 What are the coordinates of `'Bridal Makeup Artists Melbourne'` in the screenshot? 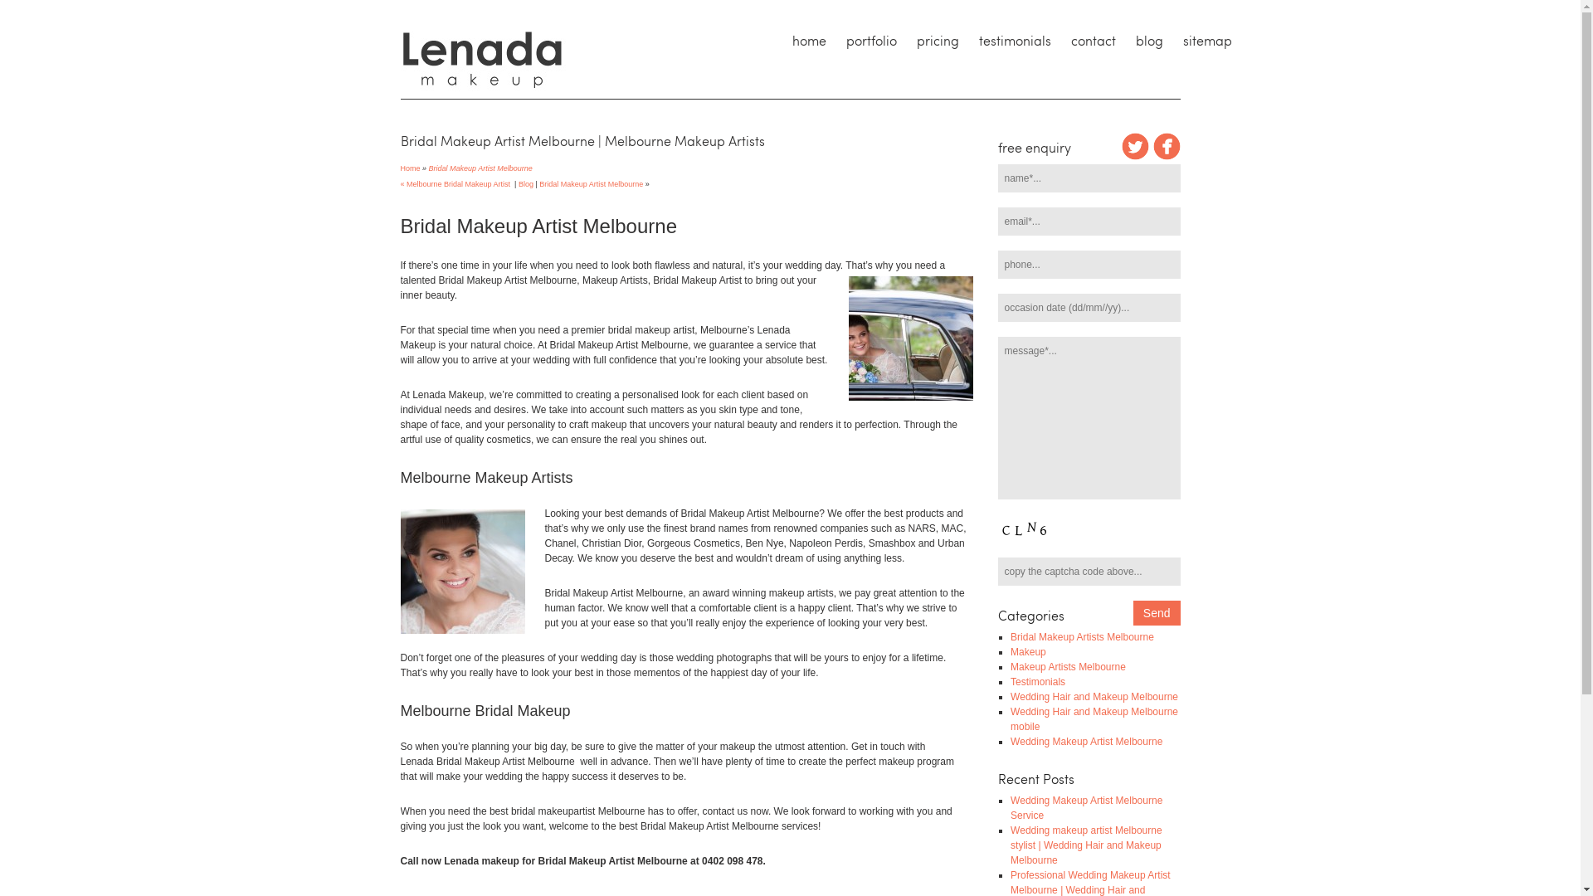 It's located at (1082, 635).